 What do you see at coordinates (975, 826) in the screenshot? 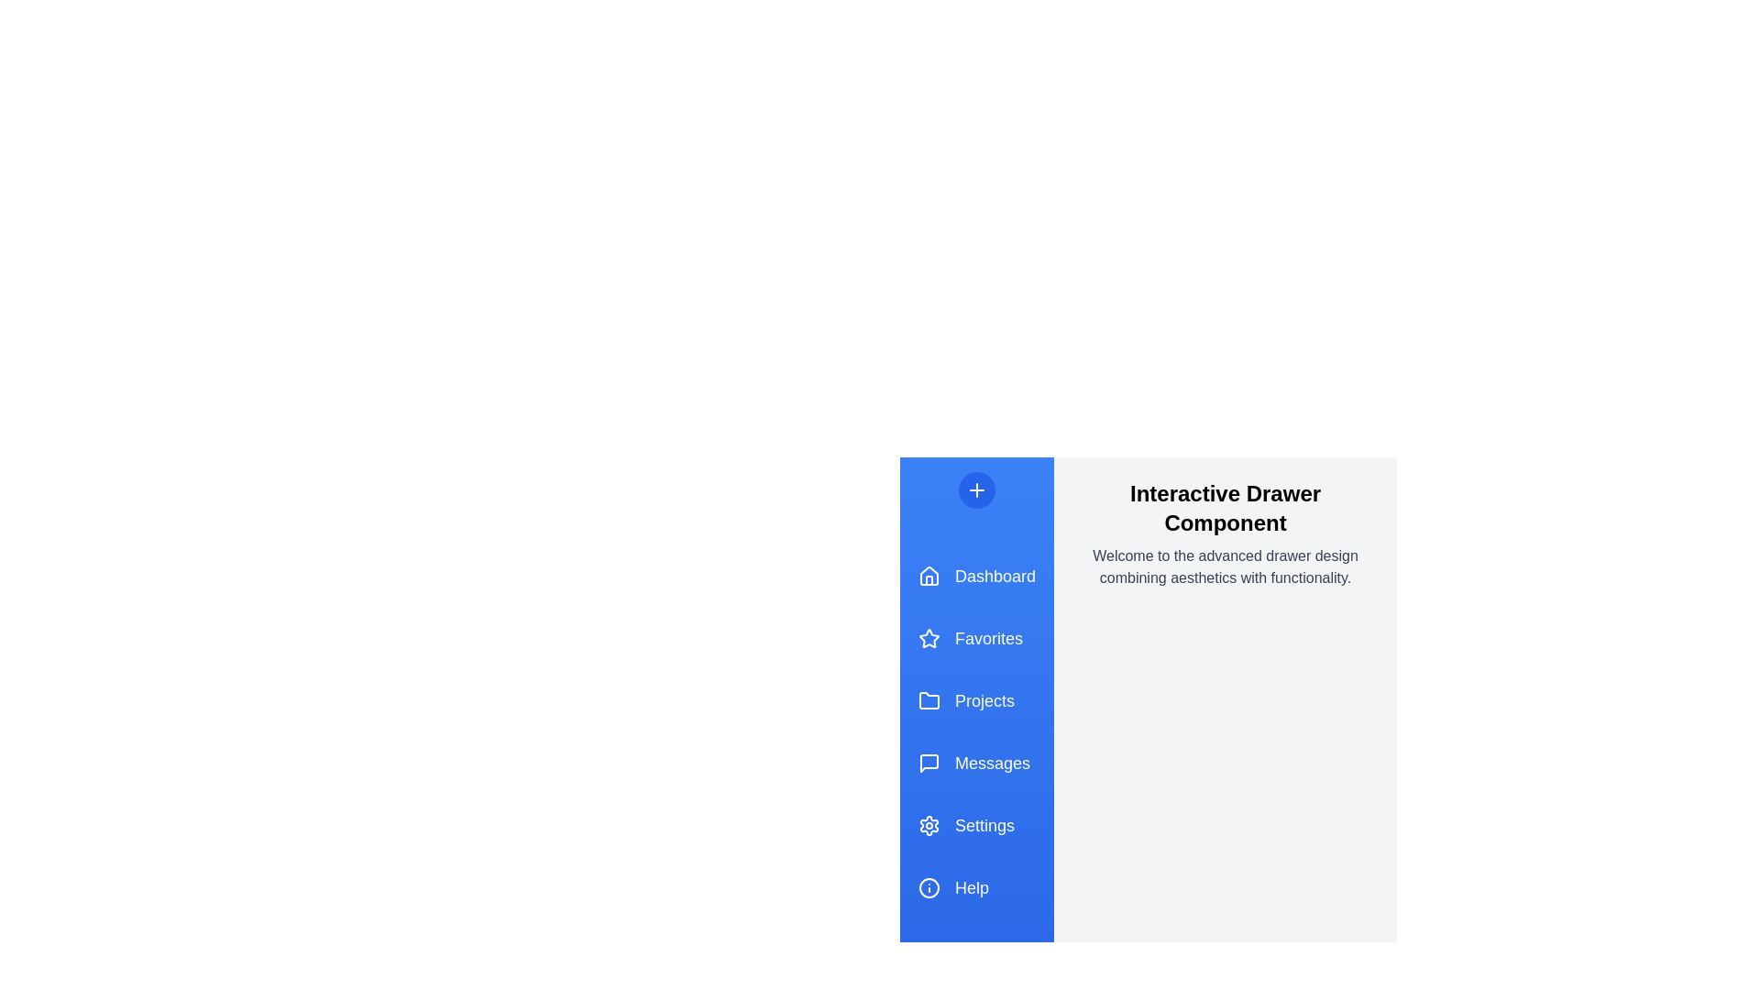
I see `the menu item Settings` at bounding box center [975, 826].